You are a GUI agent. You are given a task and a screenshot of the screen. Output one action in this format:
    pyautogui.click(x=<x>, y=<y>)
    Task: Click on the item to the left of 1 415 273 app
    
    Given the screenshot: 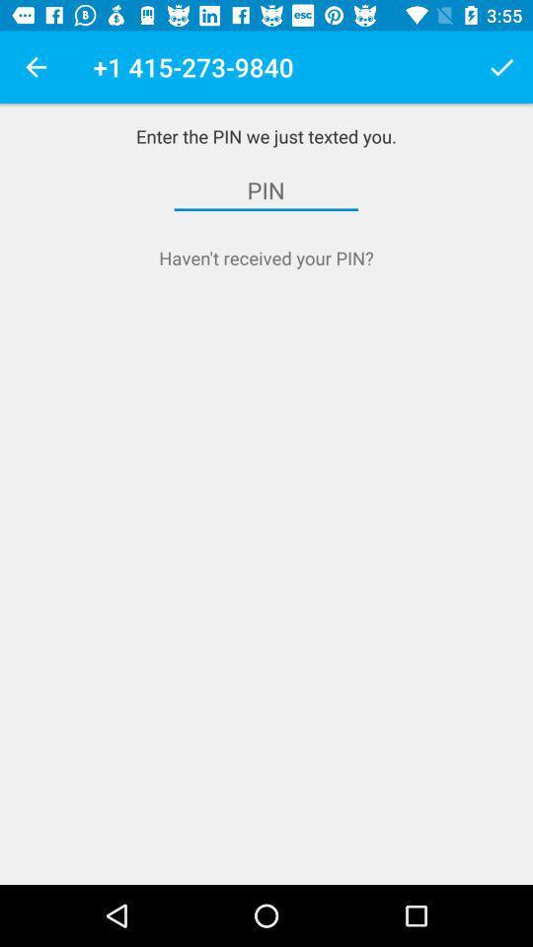 What is the action you would take?
    pyautogui.click(x=36, y=67)
    